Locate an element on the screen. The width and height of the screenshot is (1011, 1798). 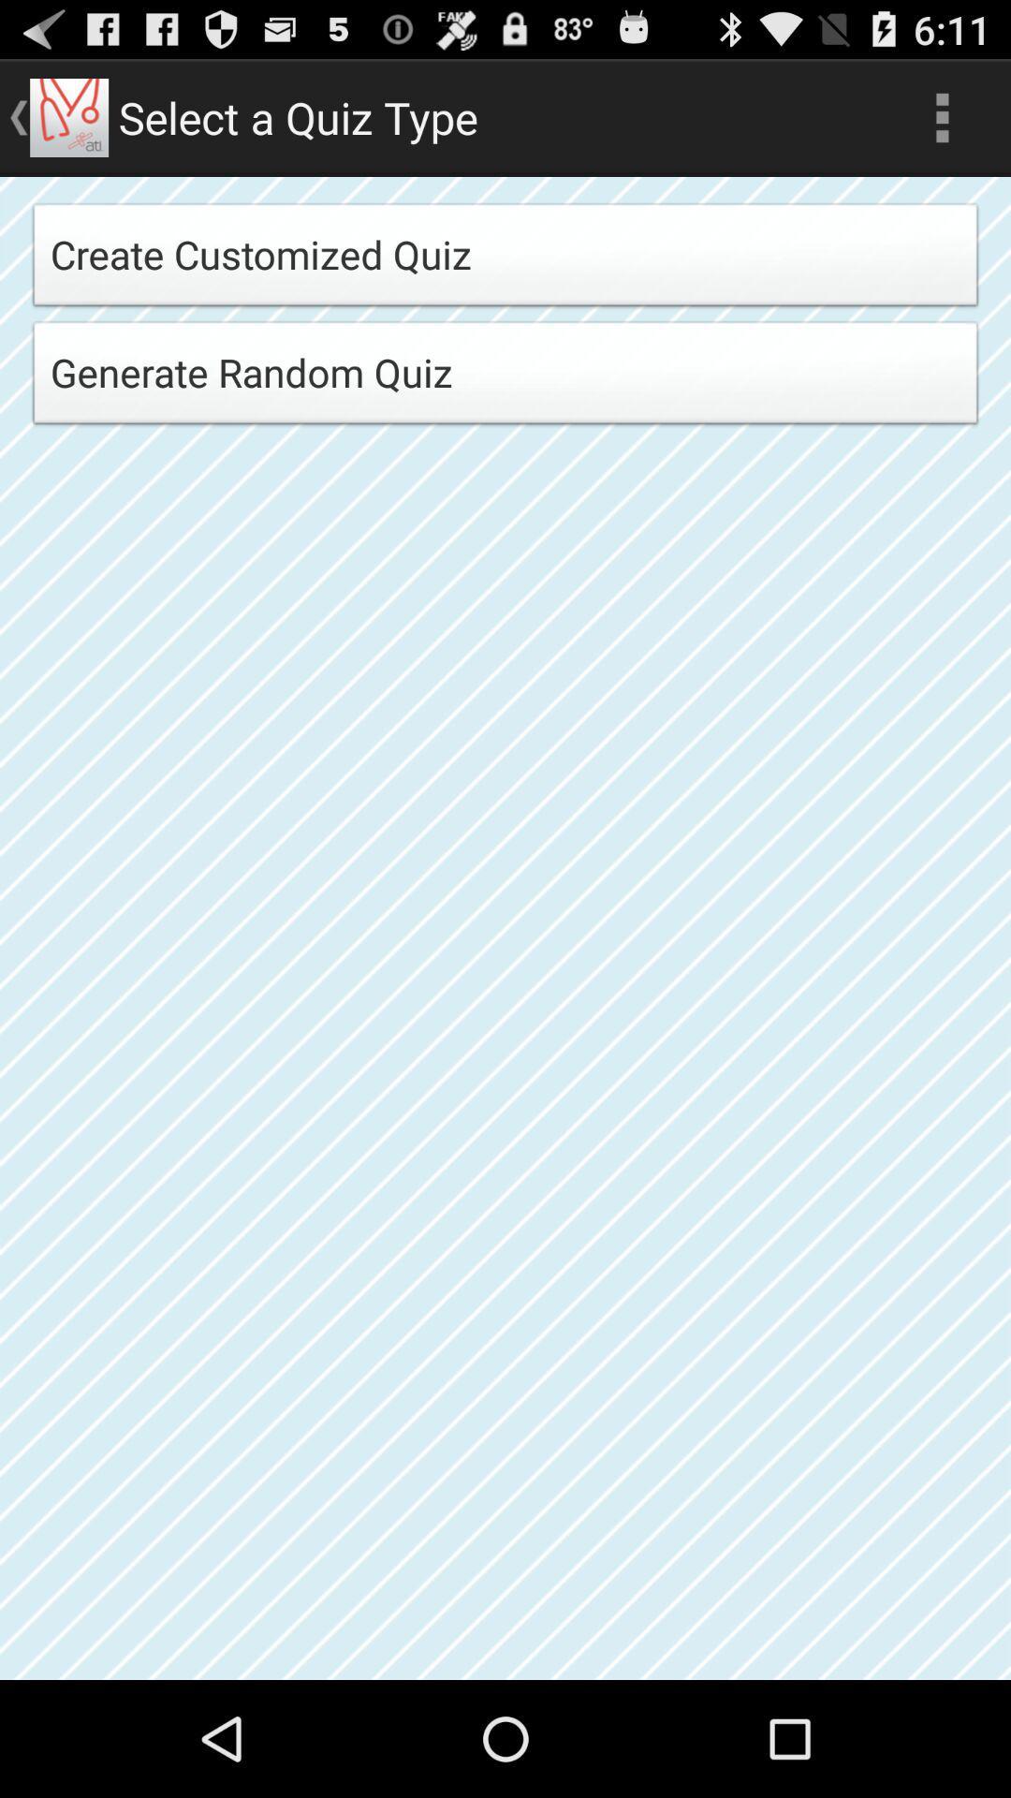
the app next to select a quiz app is located at coordinates (942, 116).